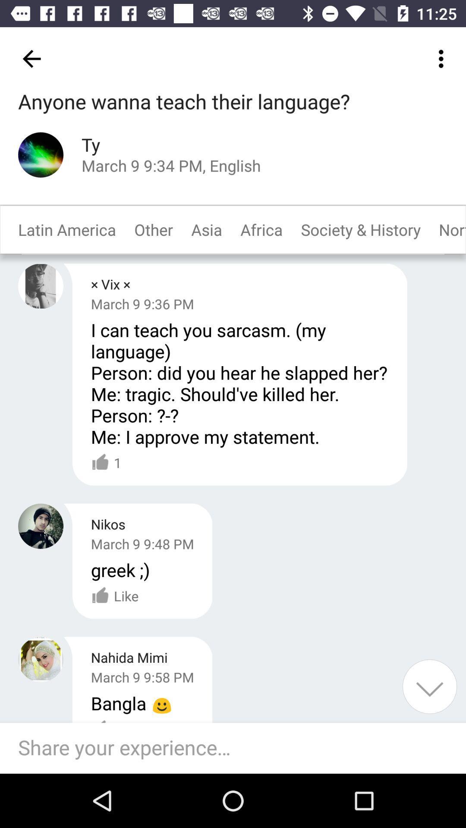  Describe the element at coordinates (106, 462) in the screenshot. I see `item above the nikos` at that location.